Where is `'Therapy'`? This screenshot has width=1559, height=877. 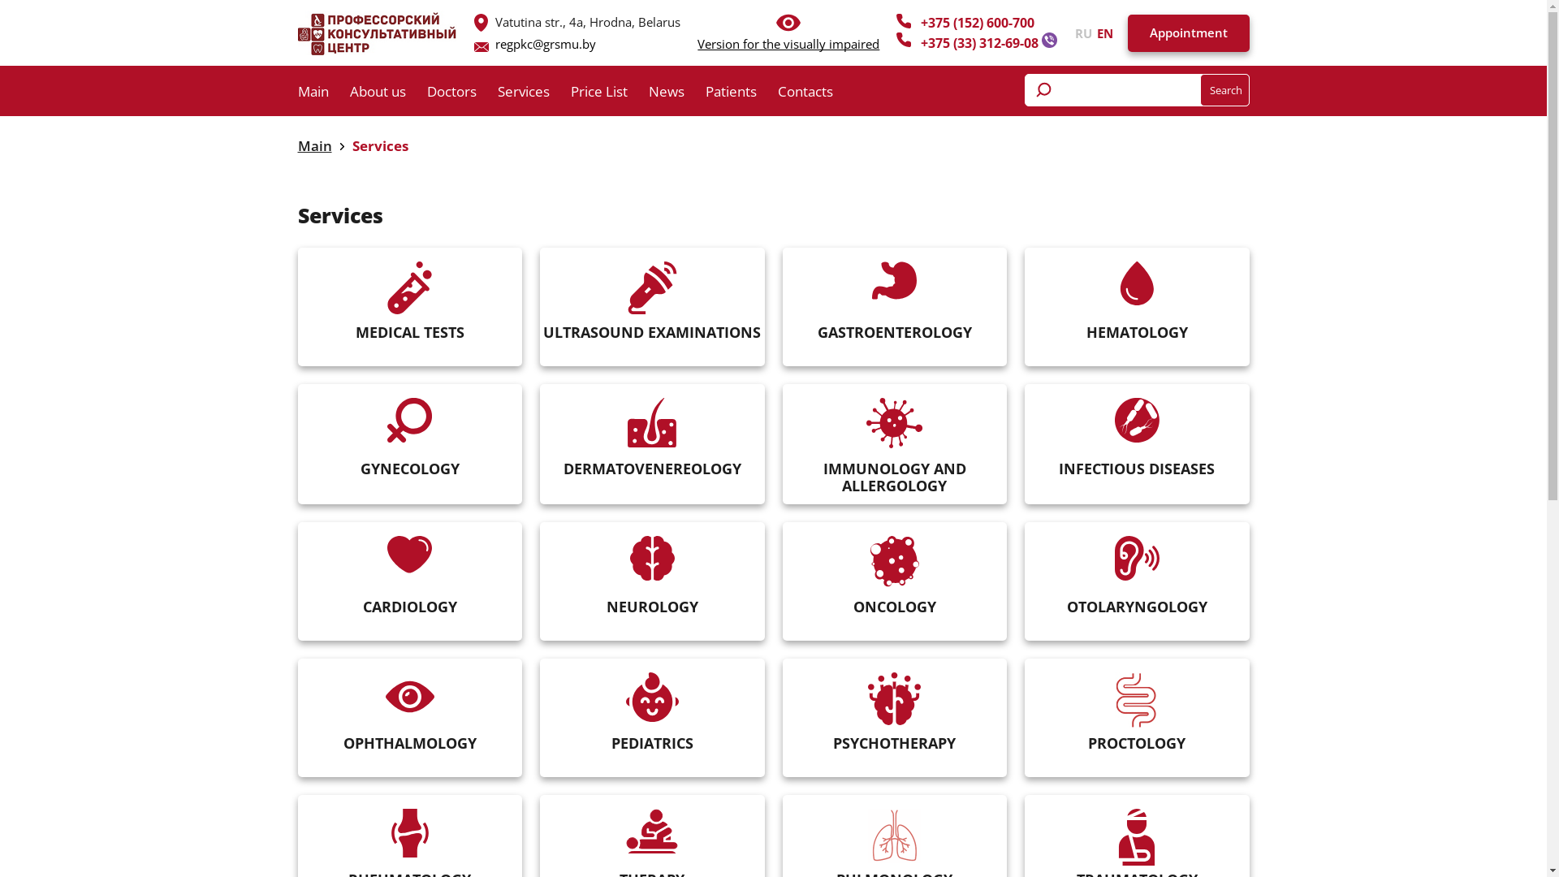 'Therapy' is located at coordinates (651, 831).